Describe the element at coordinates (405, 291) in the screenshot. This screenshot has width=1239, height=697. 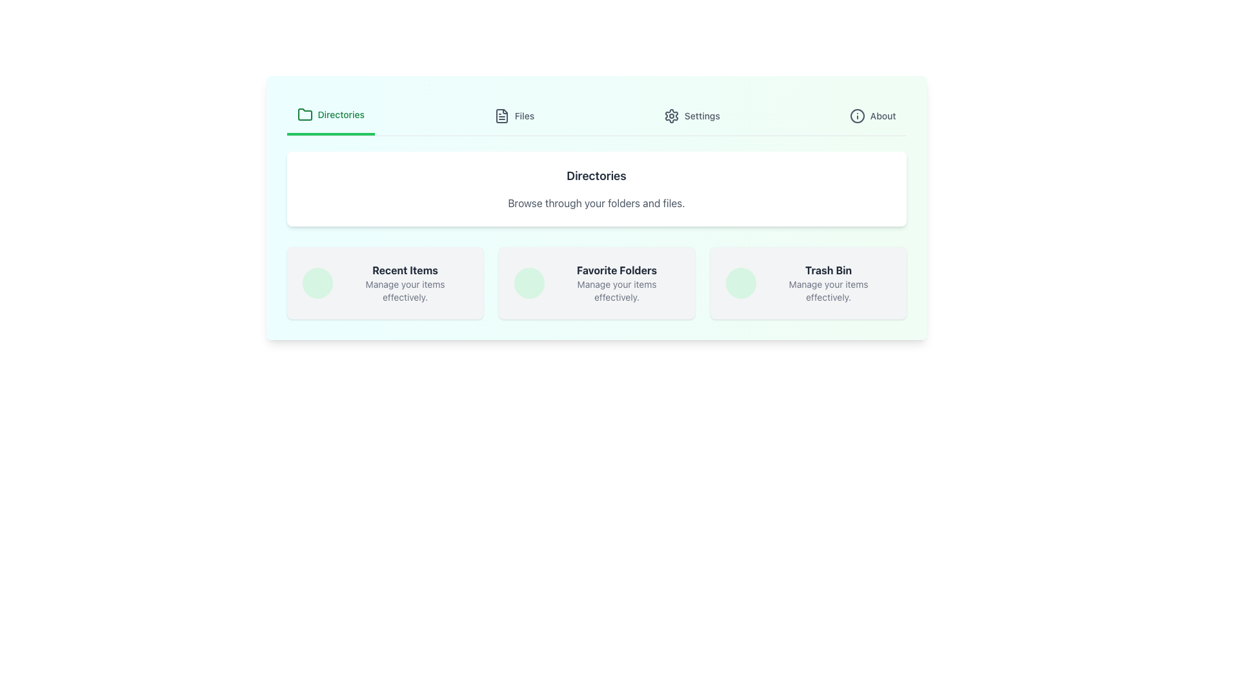
I see `the text element displaying 'Manage your items effectively.' which is located below the 'Recent Items' title in its card` at that location.